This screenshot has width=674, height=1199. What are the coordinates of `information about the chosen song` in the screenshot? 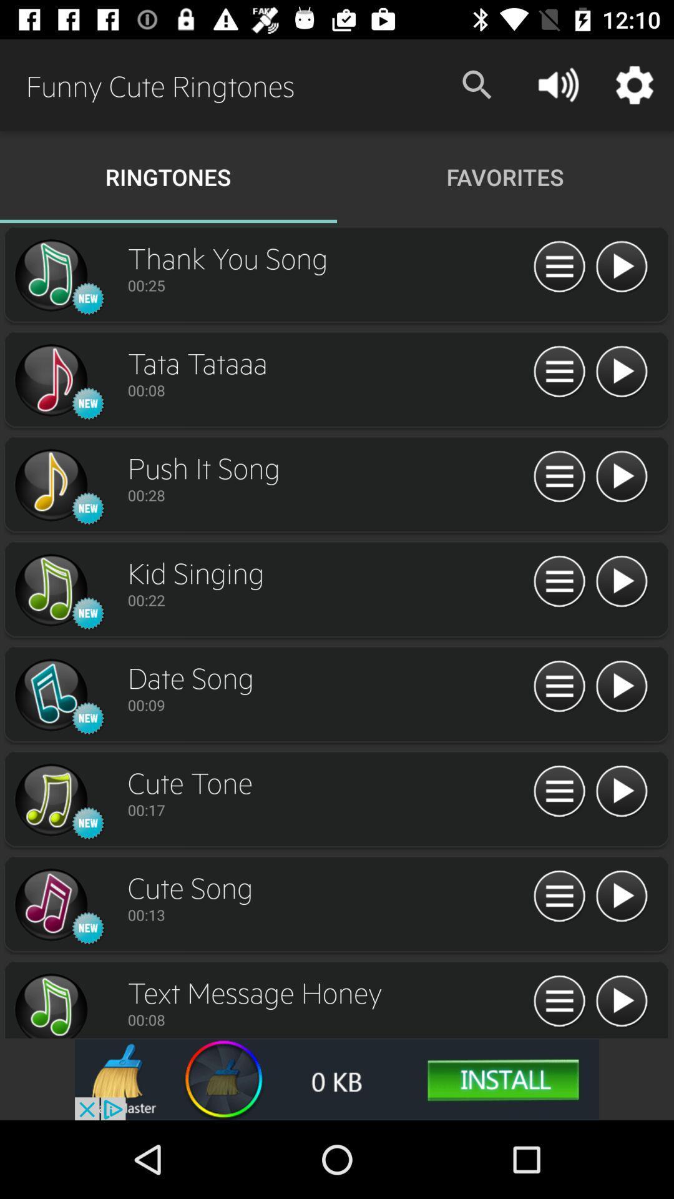 It's located at (559, 896).